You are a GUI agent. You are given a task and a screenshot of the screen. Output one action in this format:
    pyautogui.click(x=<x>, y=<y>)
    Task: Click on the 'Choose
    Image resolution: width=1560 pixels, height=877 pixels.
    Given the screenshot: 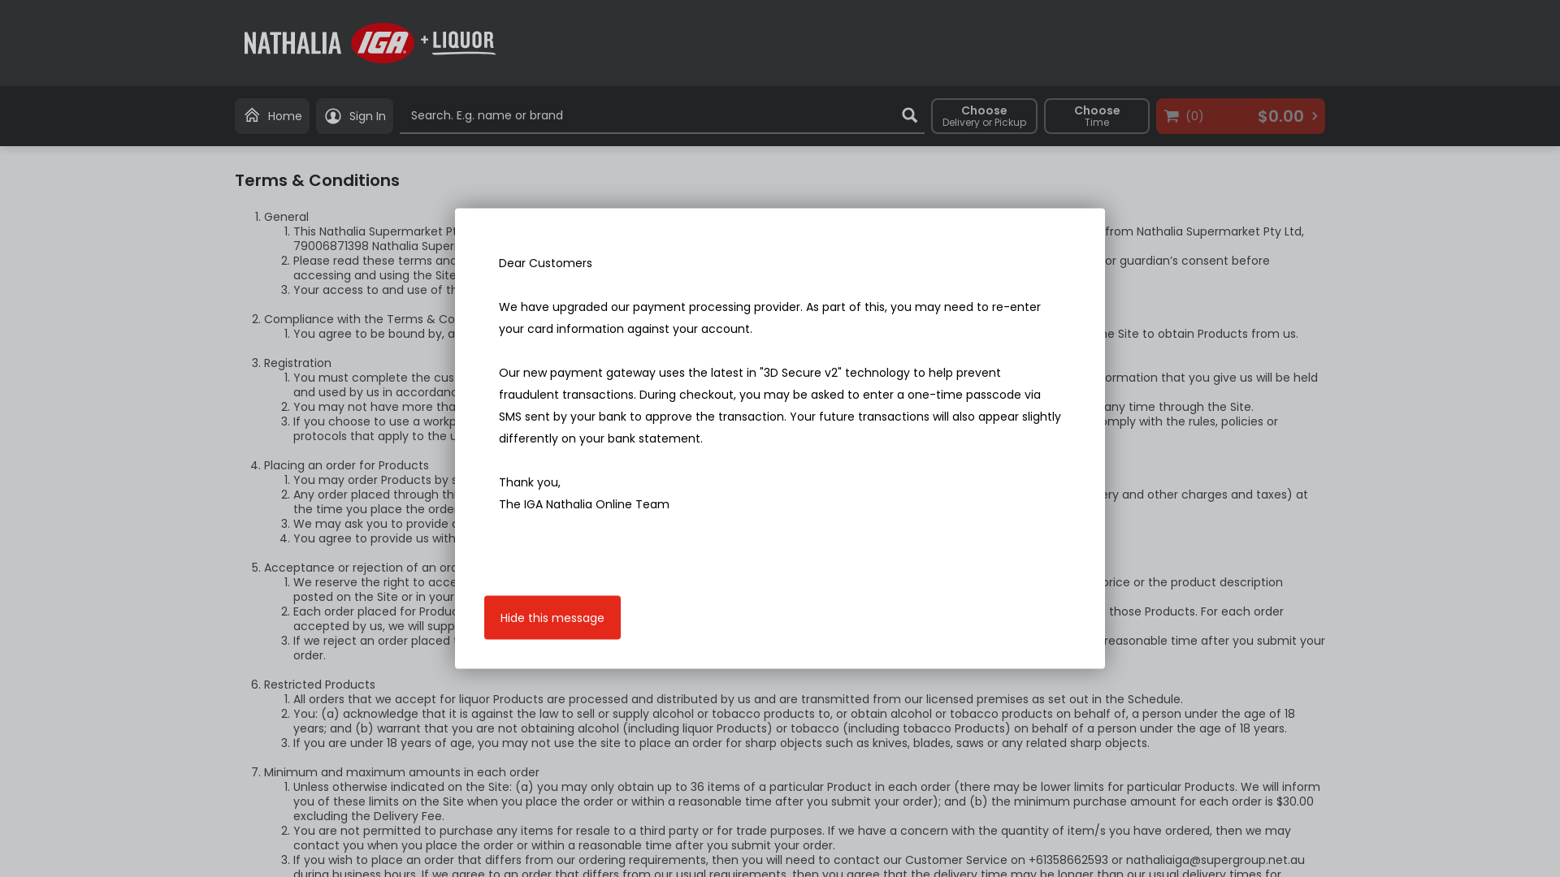 What is the action you would take?
    pyautogui.click(x=983, y=114)
    